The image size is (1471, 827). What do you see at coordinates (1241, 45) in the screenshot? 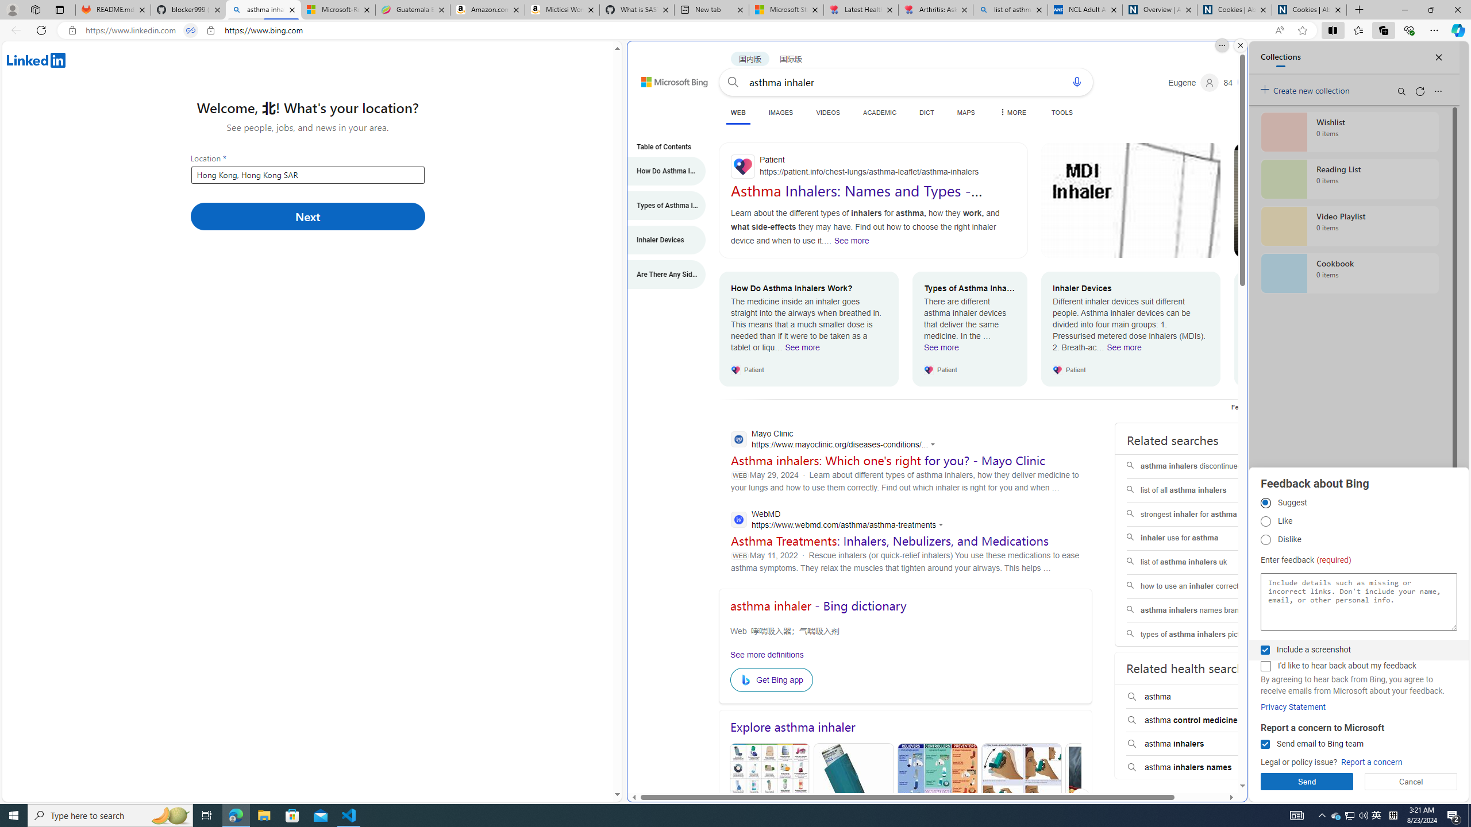
I see `'Close split screen.'` at bounding box center [1241, 45].